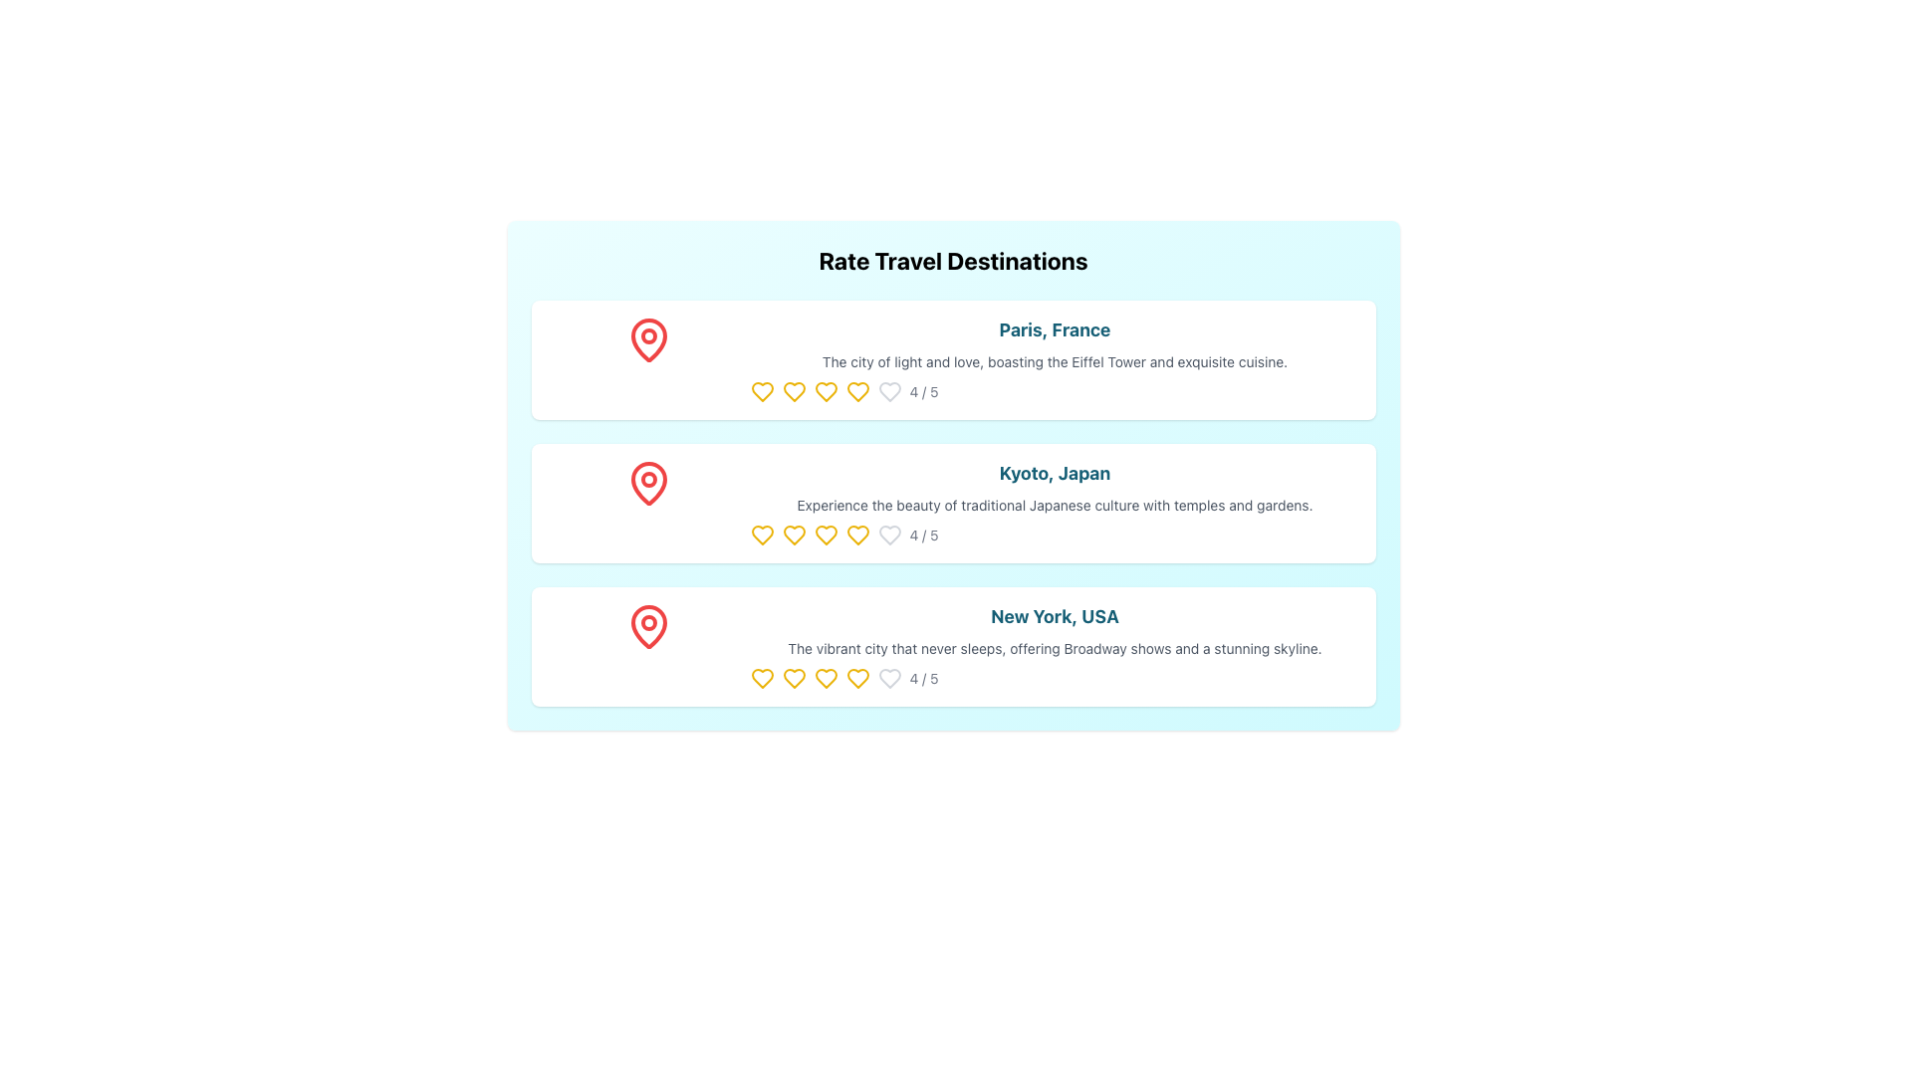  What do you see at coordinates (648, 502) in the screenshot?
I see `the red map pin icon representing the destination 'Kyoto, Japan', which is aligned with the text information about Kyoto` at bounding box center [648, 502].